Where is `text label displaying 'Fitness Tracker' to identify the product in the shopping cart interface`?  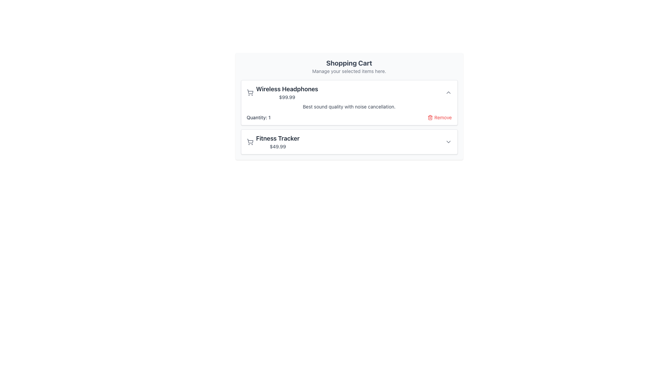
text label displaying 'Fitness Tracker' to identify the product in the shopping cart interface is located at coordinates (278, 138).